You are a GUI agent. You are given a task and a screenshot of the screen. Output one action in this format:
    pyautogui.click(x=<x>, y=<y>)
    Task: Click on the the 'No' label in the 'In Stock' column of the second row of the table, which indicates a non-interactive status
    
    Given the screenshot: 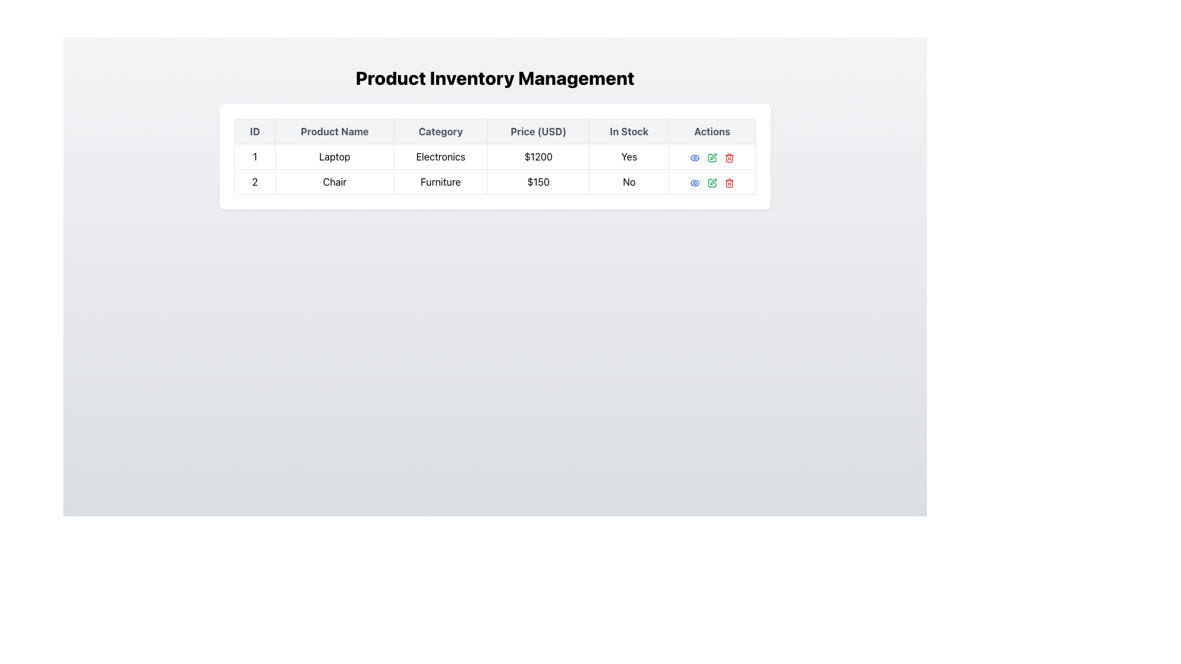 What is the action you would take?
    pyautogui.click(x=629, y=182)
    